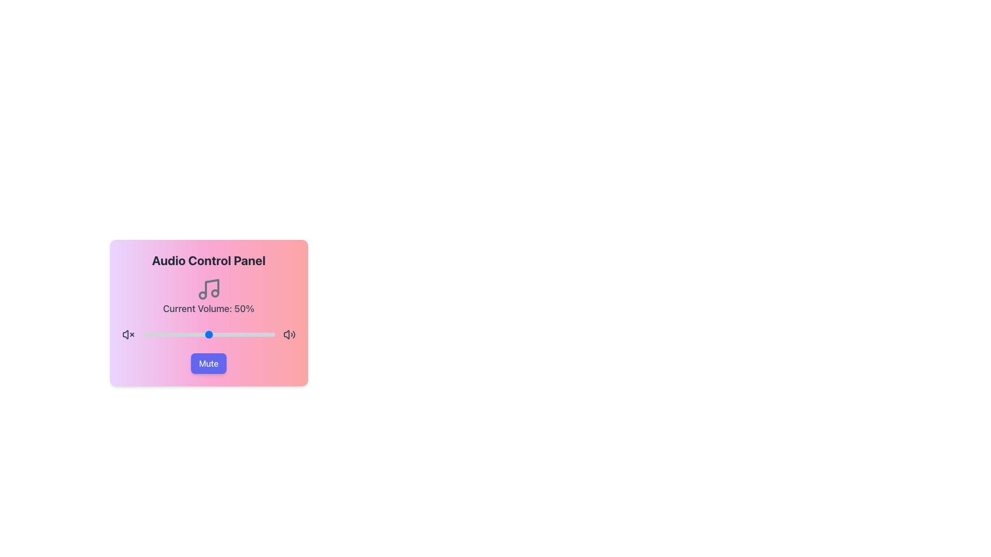 The image size is (991, 557). What do you see at coordinates (242, 334) in the screenshot?
I see `the volume` at bounding box center [242, 334].